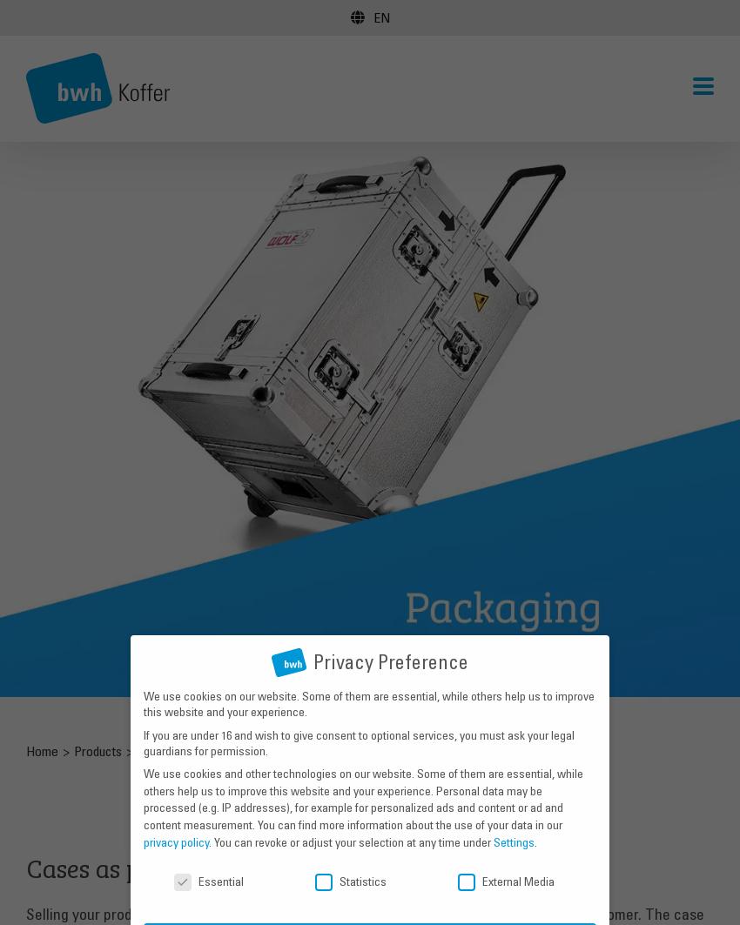  Describe the element at coordinates (316, 25) in the screenshot. I see `'Verpackung'` at that location.